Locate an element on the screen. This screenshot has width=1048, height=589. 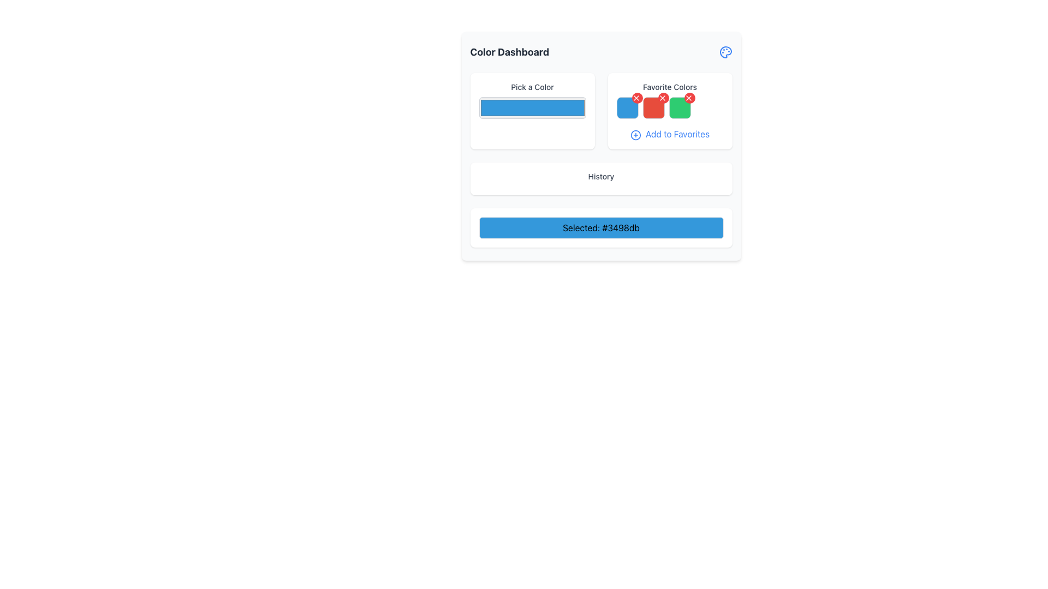
the prominent heading displaying 'Color Dashboard' located at the top-left corner of the card layout is located at coordinates (509, 52).